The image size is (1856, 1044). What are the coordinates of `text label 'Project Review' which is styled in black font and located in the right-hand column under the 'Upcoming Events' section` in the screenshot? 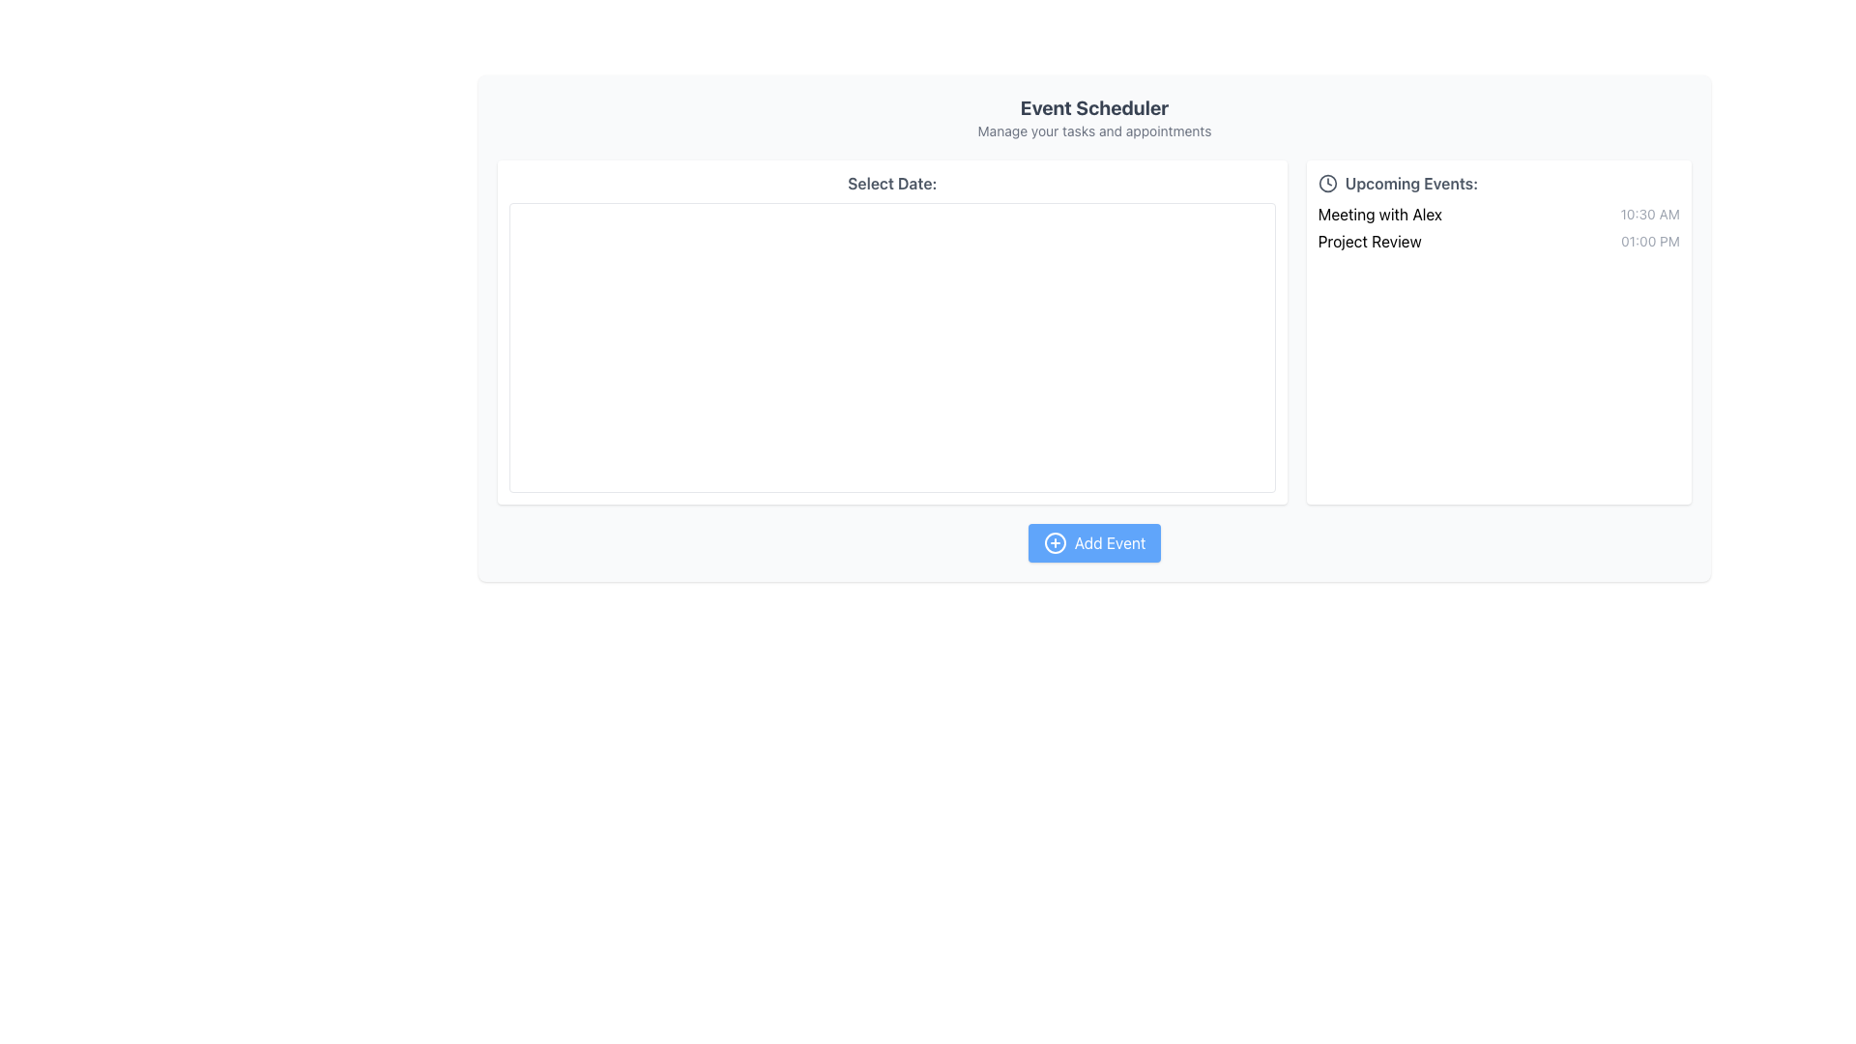 It's located at (1369, 241).